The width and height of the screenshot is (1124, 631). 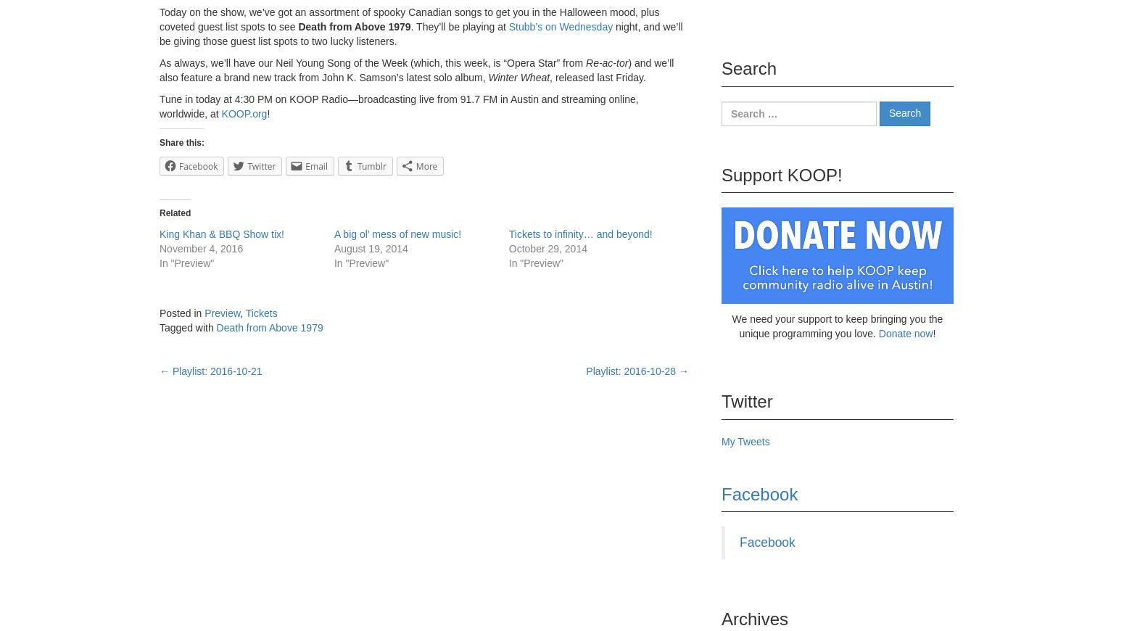 I want to click on 'KOOP.org', so click(x=243, y=112).